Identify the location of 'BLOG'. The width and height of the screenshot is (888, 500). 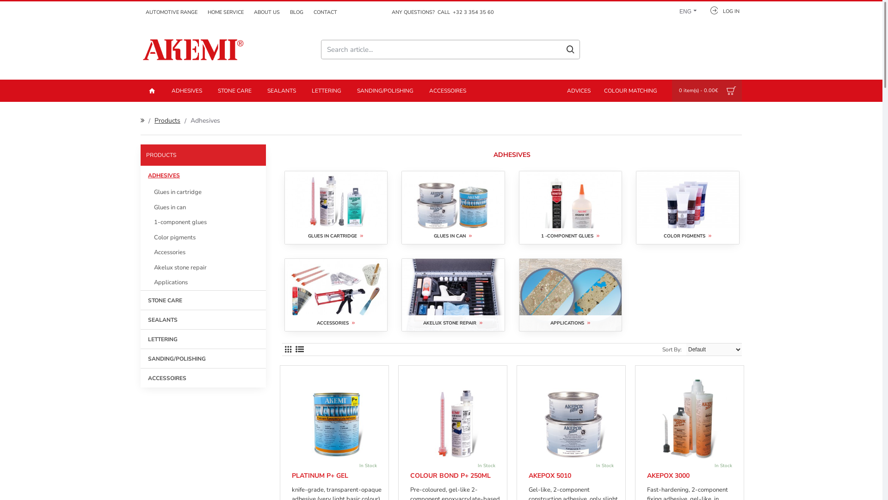
(296, 12).